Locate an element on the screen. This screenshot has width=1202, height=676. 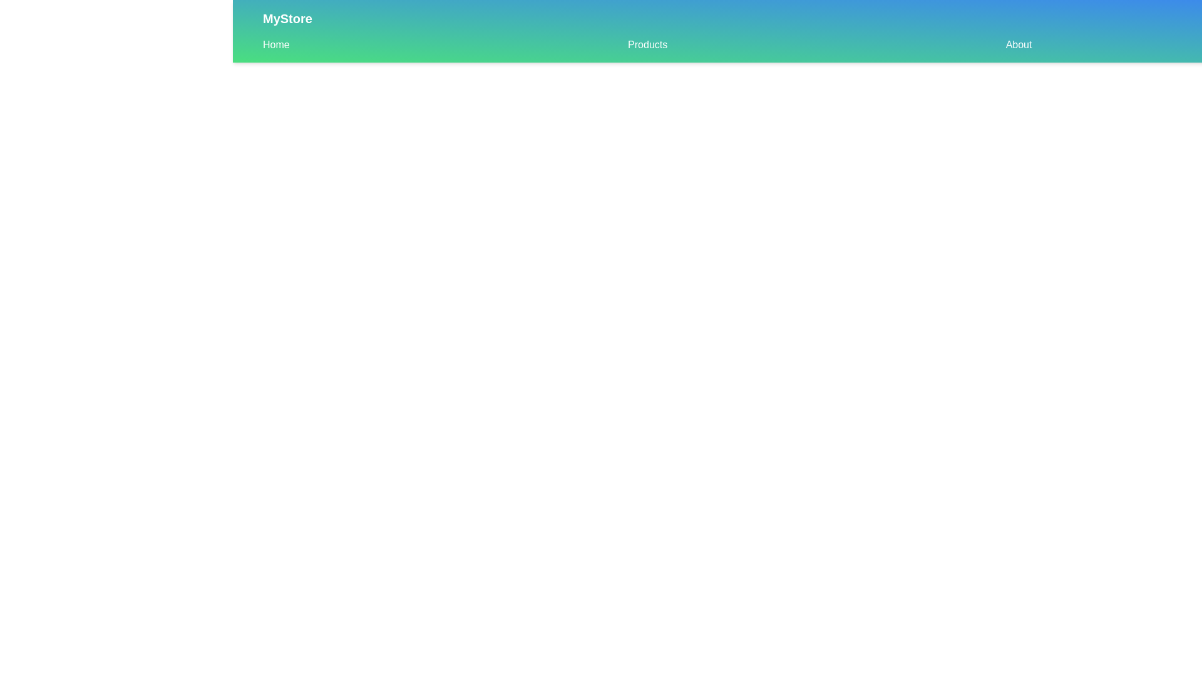
the About navigation link in the sub-navigation bar is located at coordinates (1019, 44).